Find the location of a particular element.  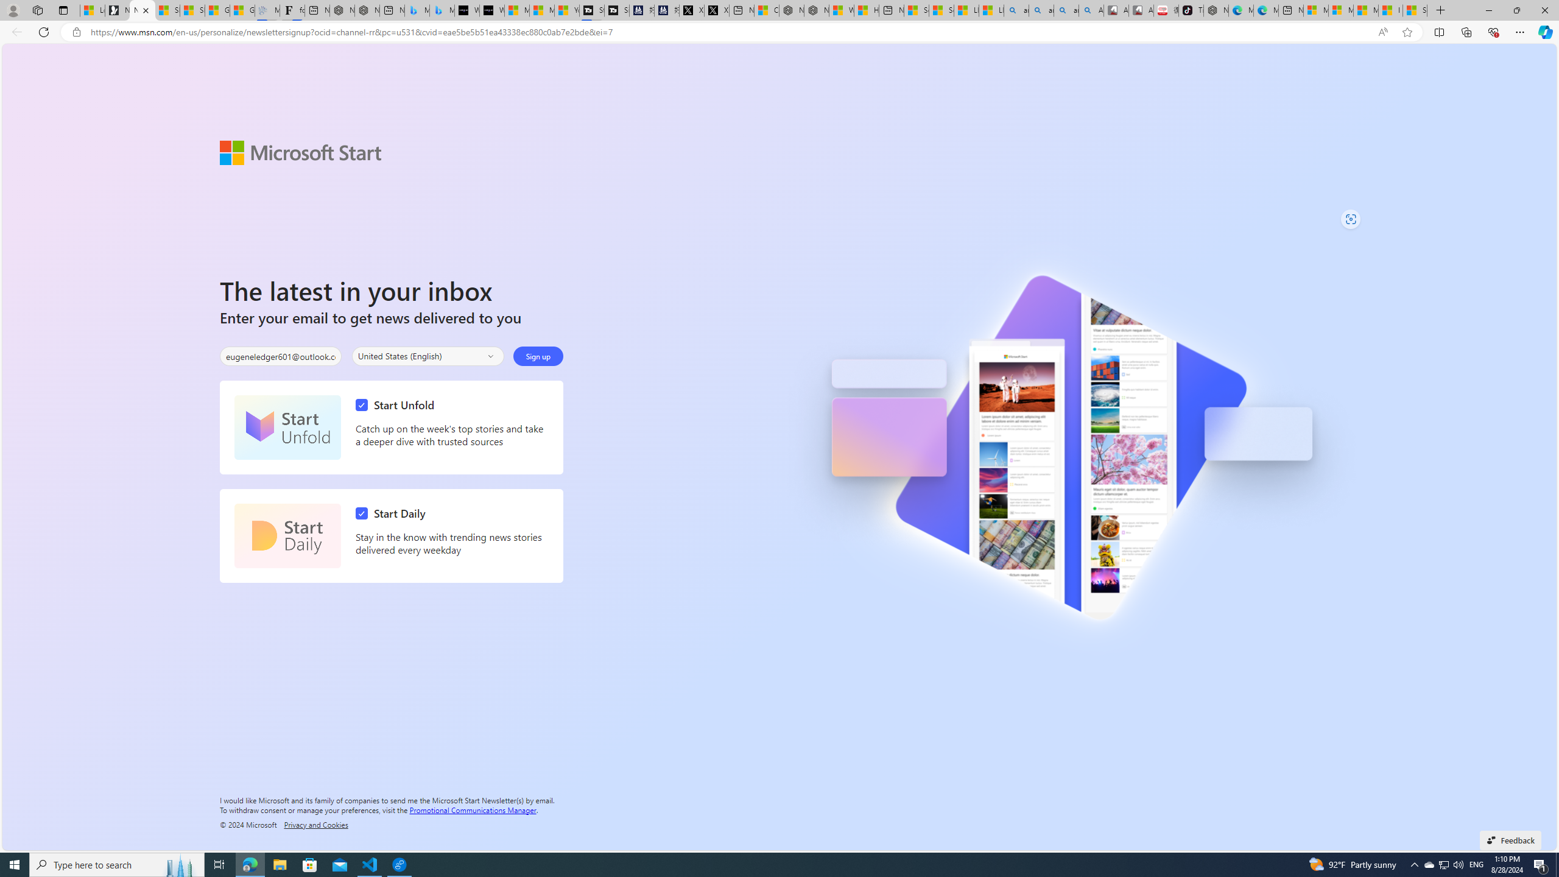

'Address and search bar' is located at coordinates (730, 32).